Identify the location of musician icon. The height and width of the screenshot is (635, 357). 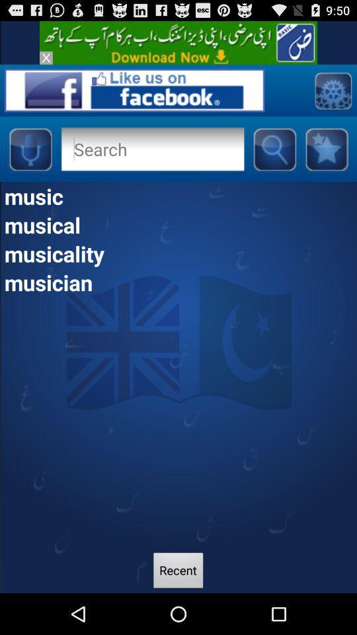
(178, 282).